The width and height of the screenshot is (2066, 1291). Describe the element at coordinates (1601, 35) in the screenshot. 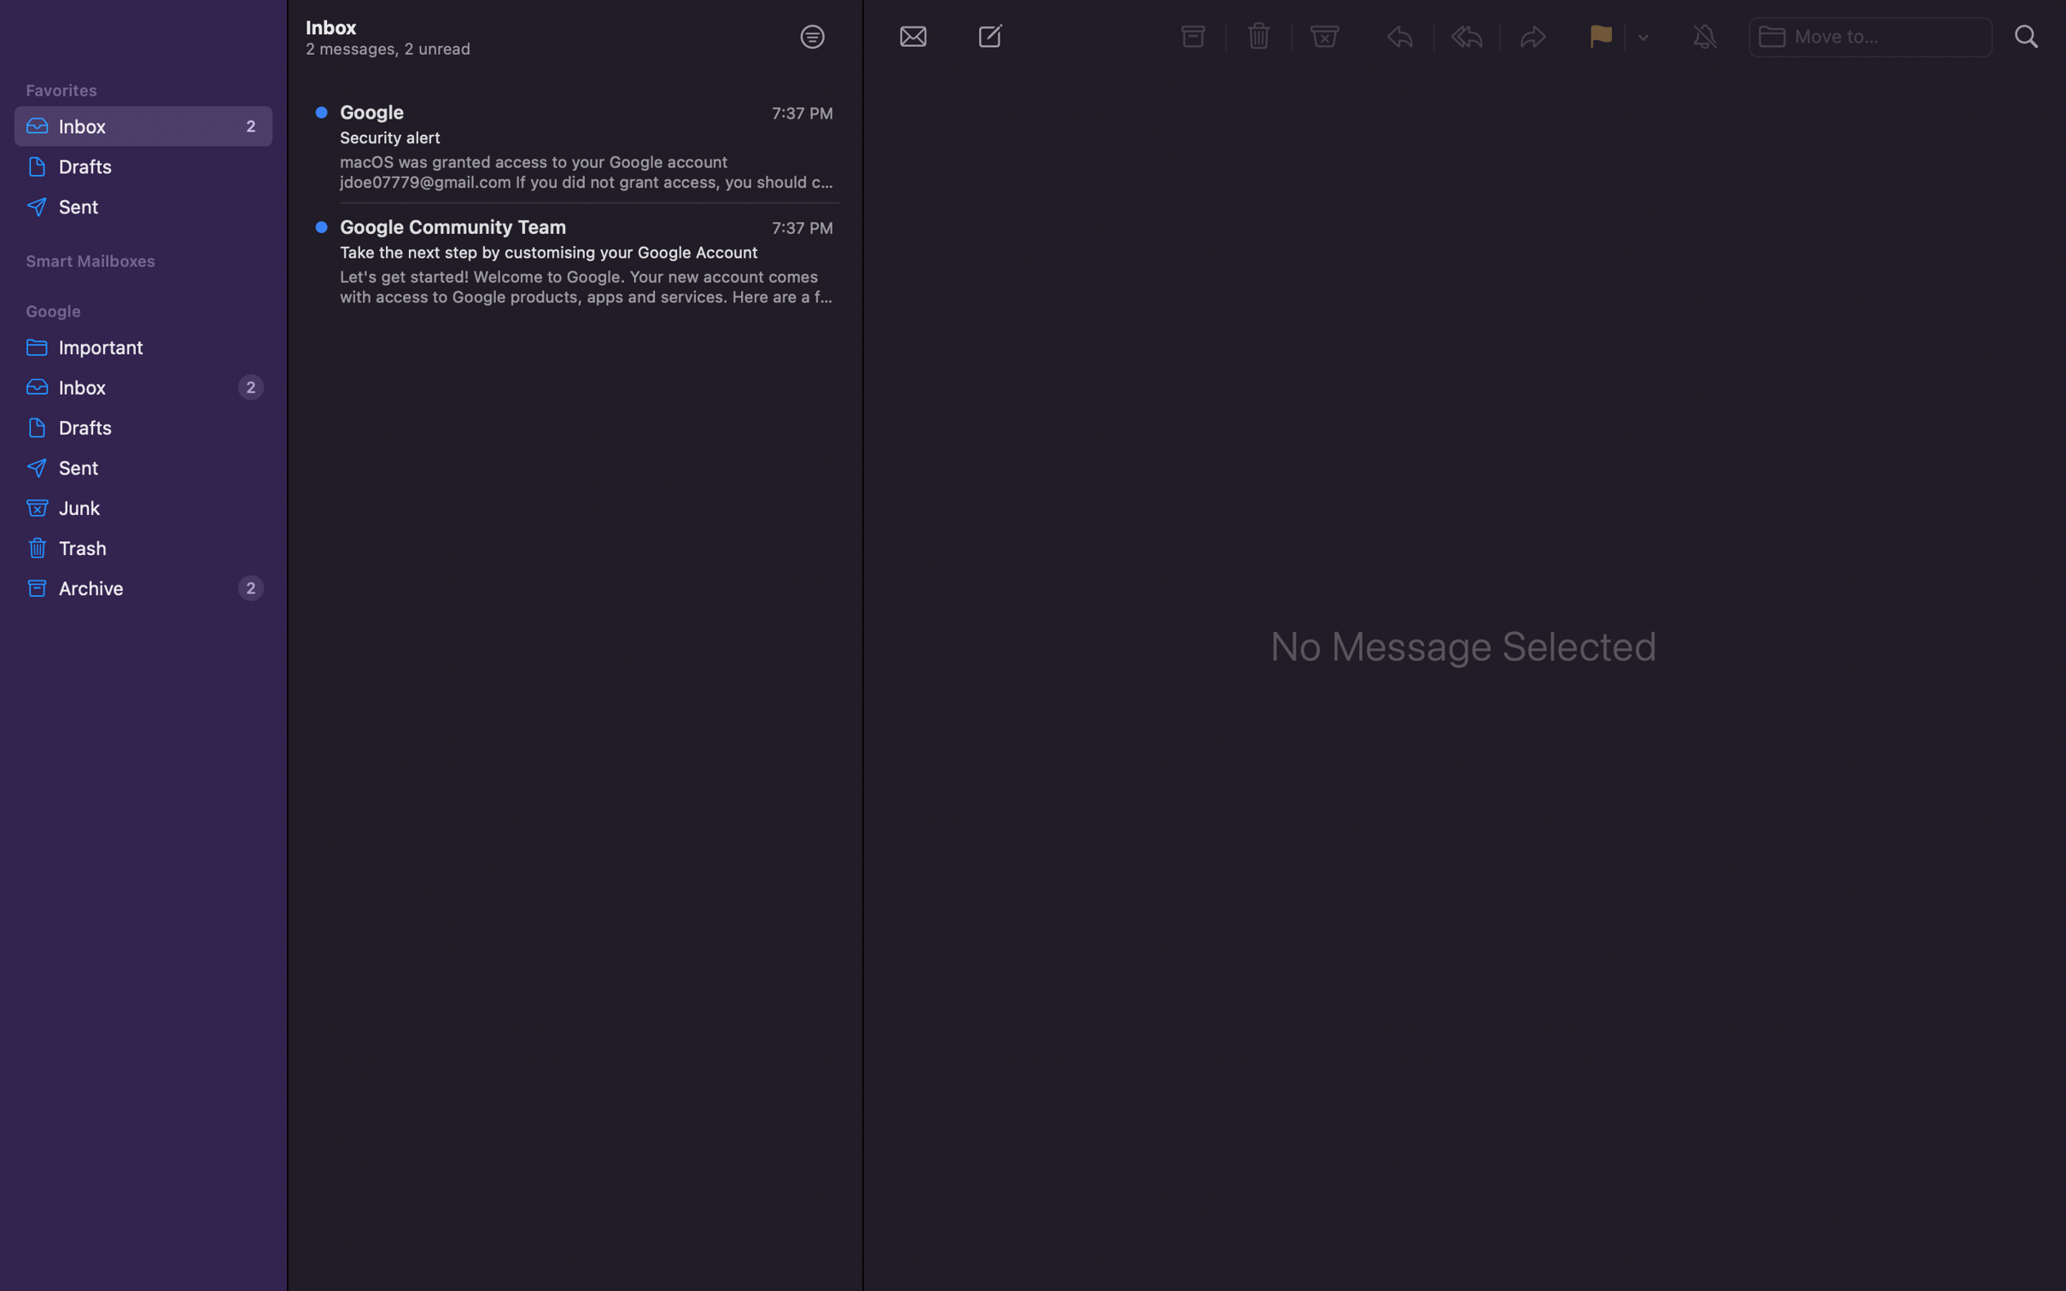

I see `Flag the message that"s been highlighted` at that location.